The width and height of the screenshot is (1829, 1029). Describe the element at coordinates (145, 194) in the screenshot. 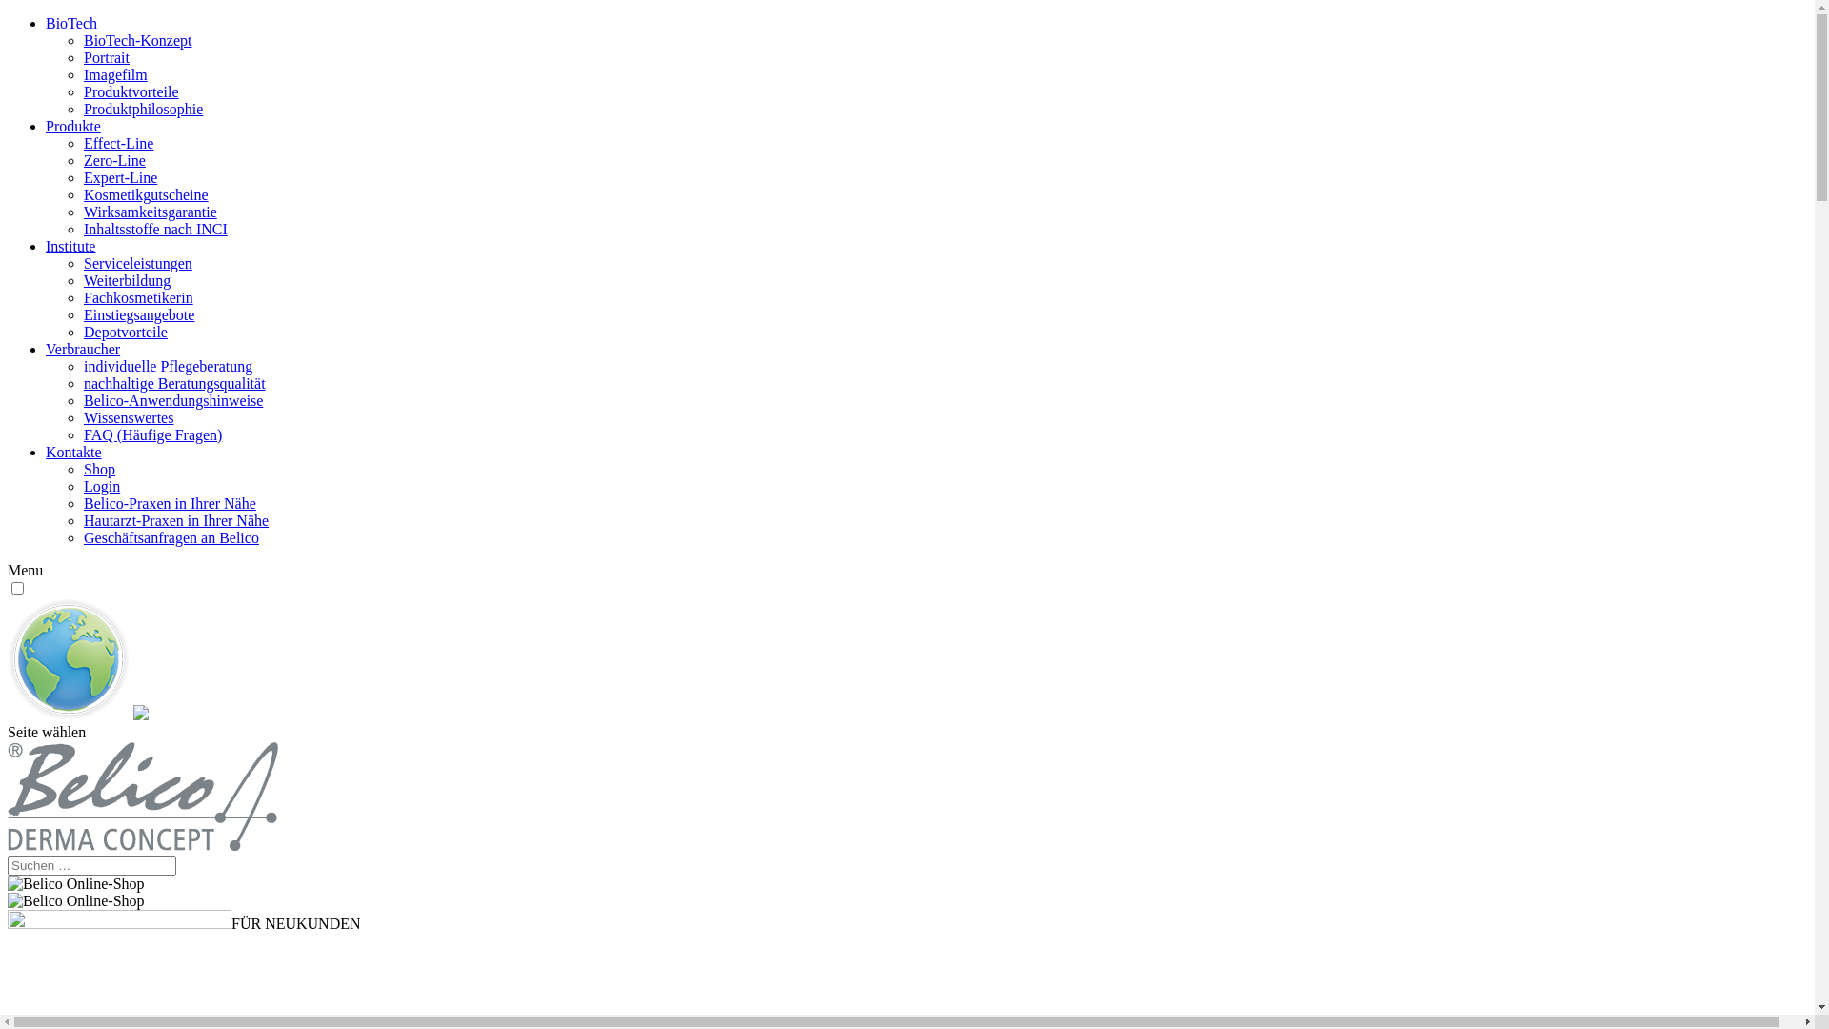

I see `'Kosmetikgutscheine'` at that location.